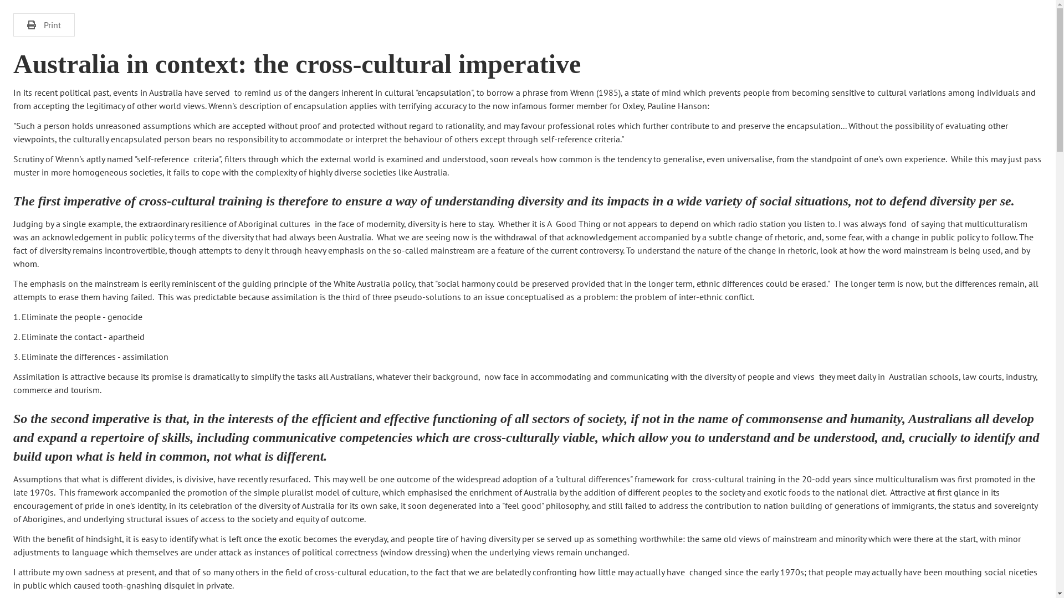 Image resolution: width=1064 pixels, height=598 pixels. Describe the element at coordinates (27, 25) in the screenshot. I see `'Print'` at that location.